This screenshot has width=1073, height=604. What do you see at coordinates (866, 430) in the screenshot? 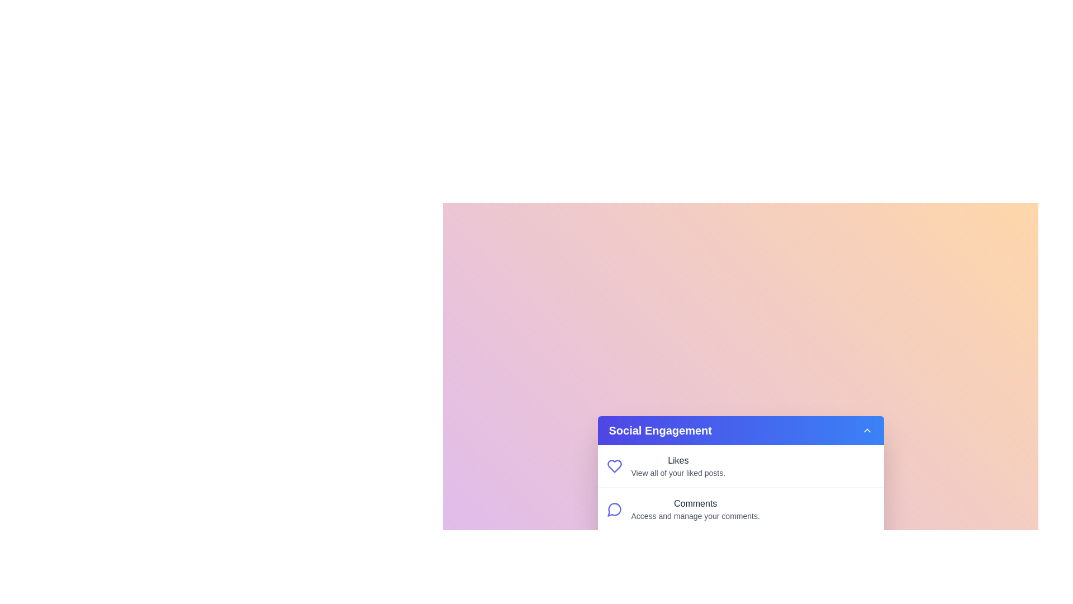
I see `toggle button to expand or collapse the menu` at bounding box center [866, 430].